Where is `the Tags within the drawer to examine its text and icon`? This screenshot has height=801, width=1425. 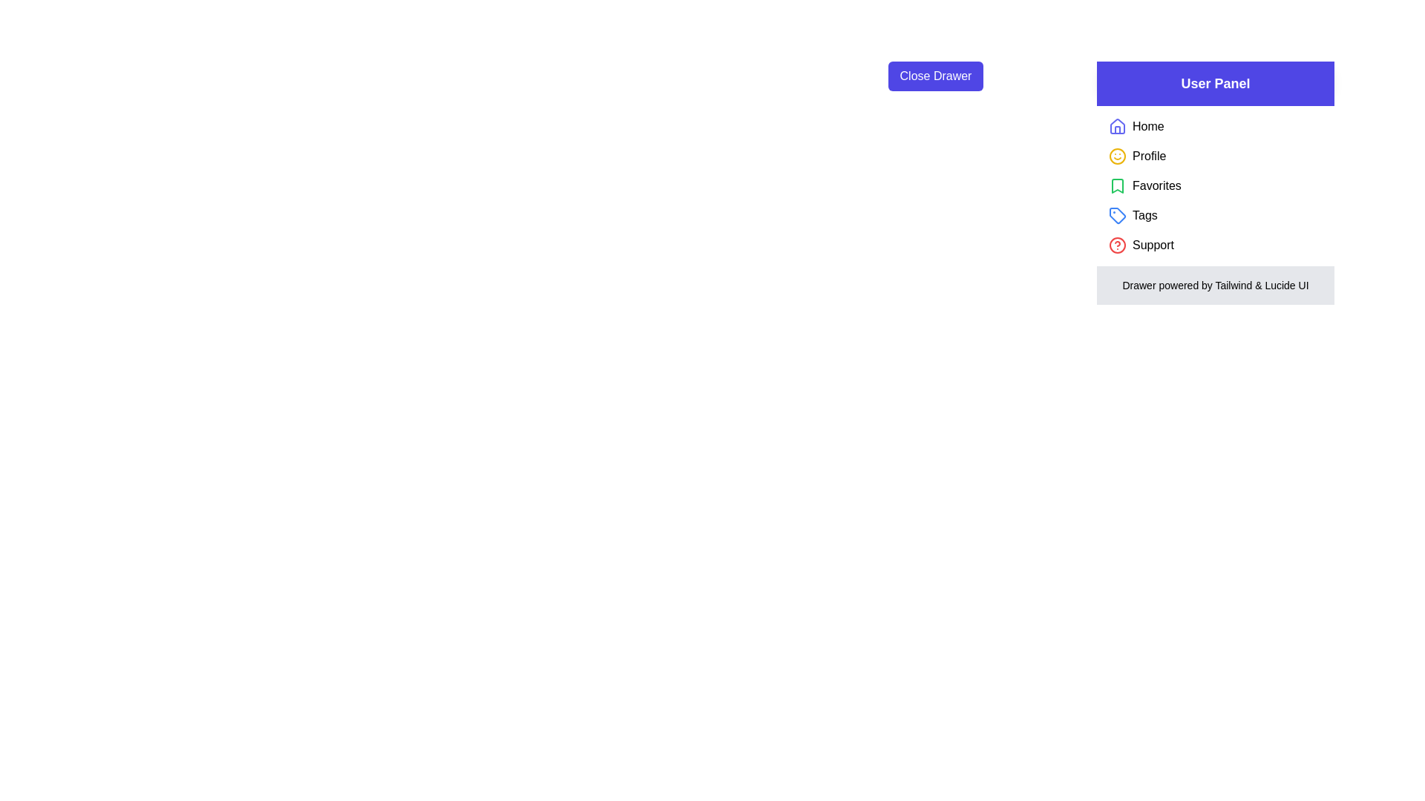 the Tags within the drawer to examine its text and icon is located at coordinates (1118, 215).